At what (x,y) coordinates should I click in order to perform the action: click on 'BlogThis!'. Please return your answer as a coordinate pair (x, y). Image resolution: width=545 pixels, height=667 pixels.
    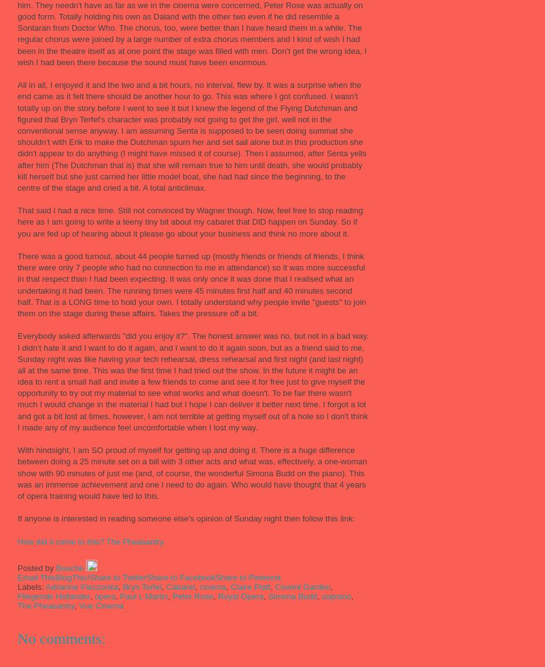
    Looking at the image, I should click on (72, 577).